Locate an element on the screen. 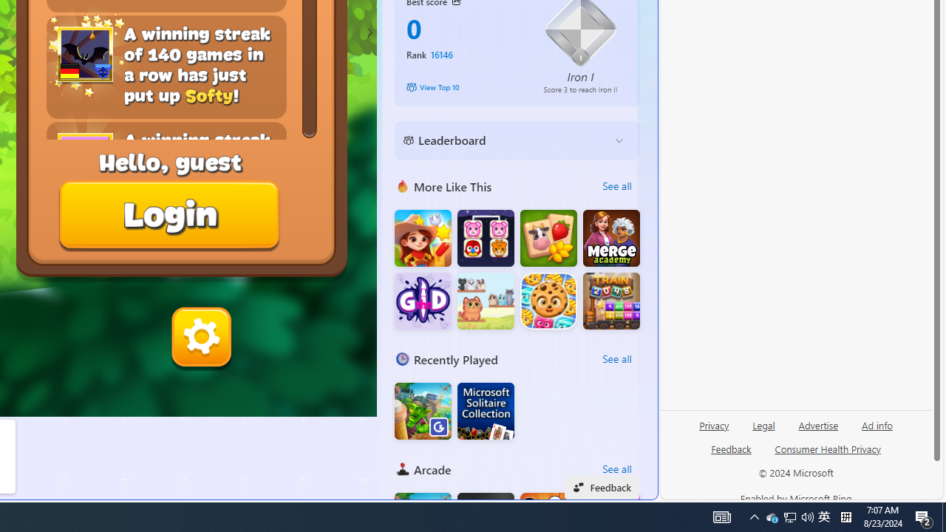  'Train 2048' is located at coordinates (611, 300).